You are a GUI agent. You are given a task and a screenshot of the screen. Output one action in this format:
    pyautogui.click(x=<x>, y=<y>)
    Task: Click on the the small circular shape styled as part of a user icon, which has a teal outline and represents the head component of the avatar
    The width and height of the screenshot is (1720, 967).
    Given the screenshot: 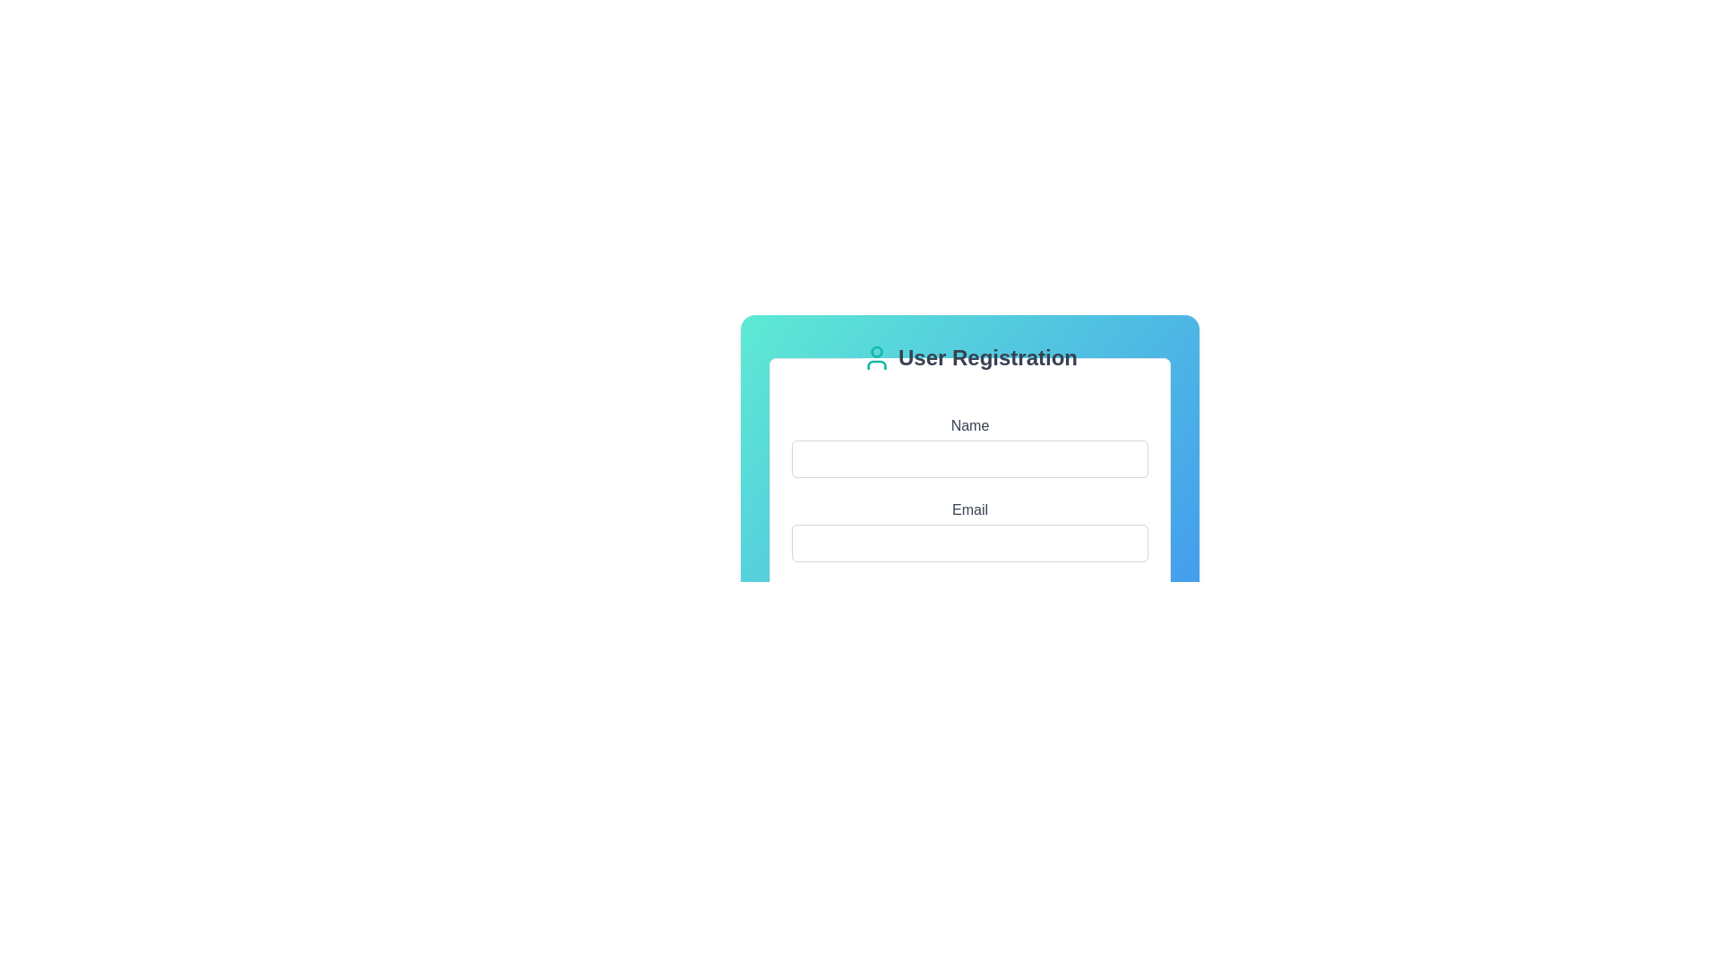 What is the action you would take?
    pyautogui.click(x=877, y=352)
    